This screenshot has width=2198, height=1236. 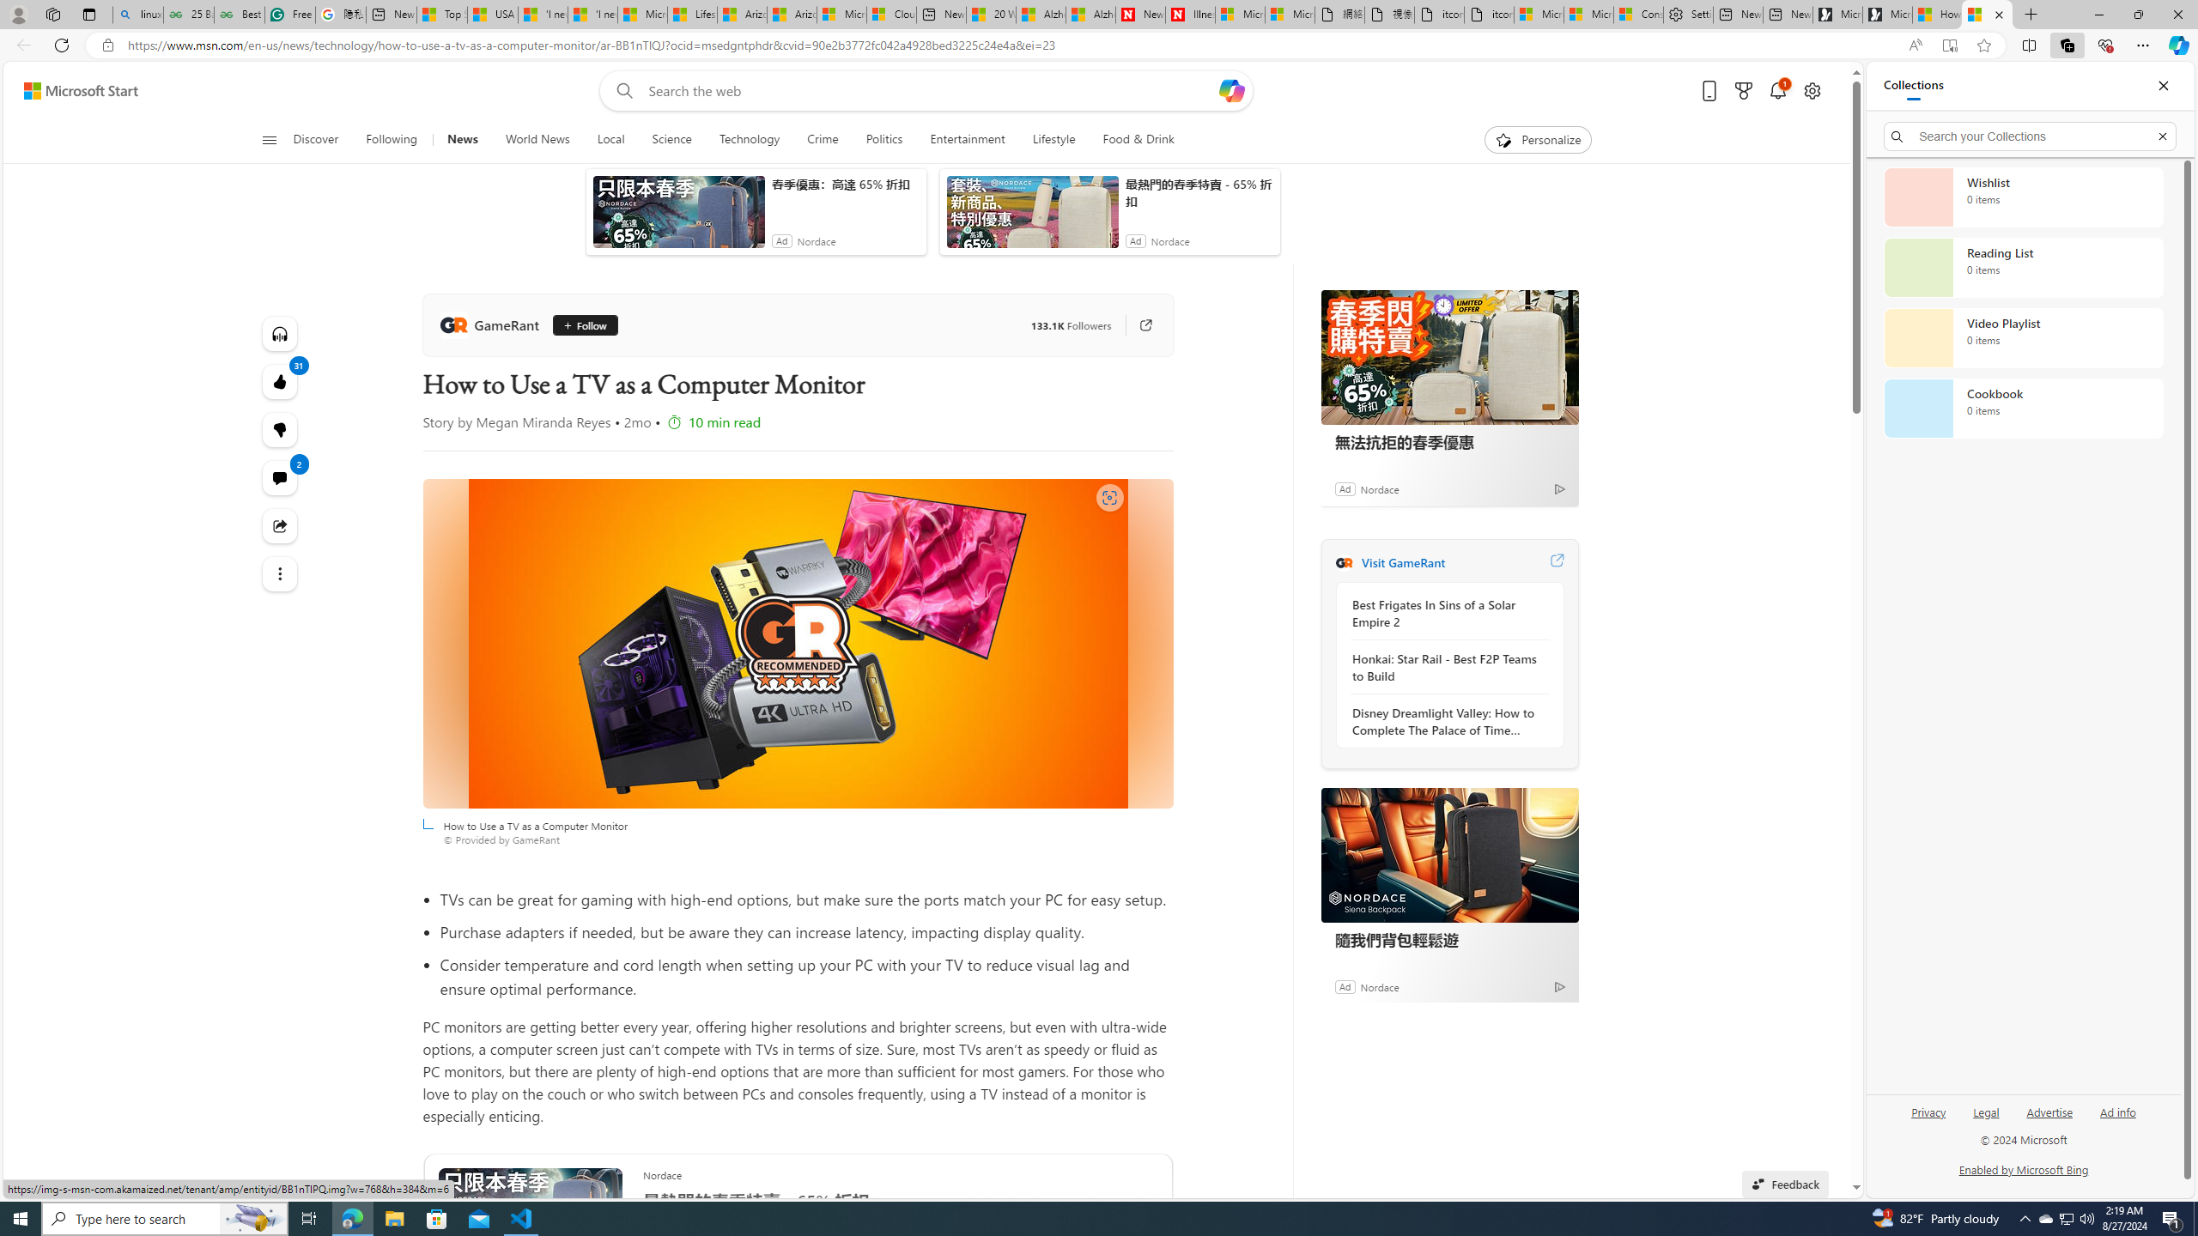 I want to click on 'Wishlist collection, 0 items', so click(x=2023, y=197).